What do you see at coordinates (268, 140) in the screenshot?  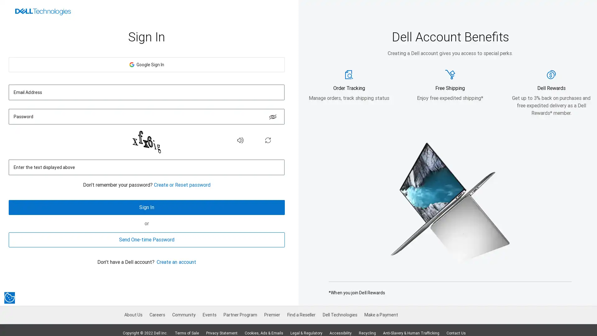 I see `captchaRefreshIcon_6367f6ca-64b7-46ff-b7e6-fa4b71907169` at bounding box center [268, 140].